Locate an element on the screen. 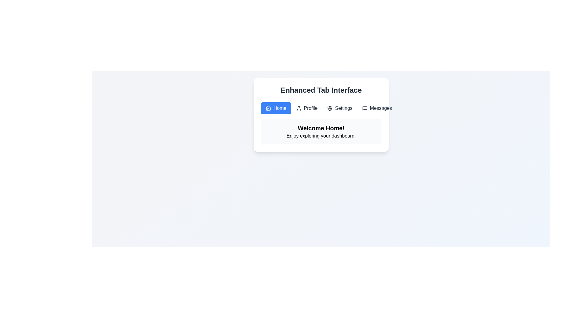  the 'Settings' button, which is represented by a gear-shaped icon is located at coordinates (330, 108).